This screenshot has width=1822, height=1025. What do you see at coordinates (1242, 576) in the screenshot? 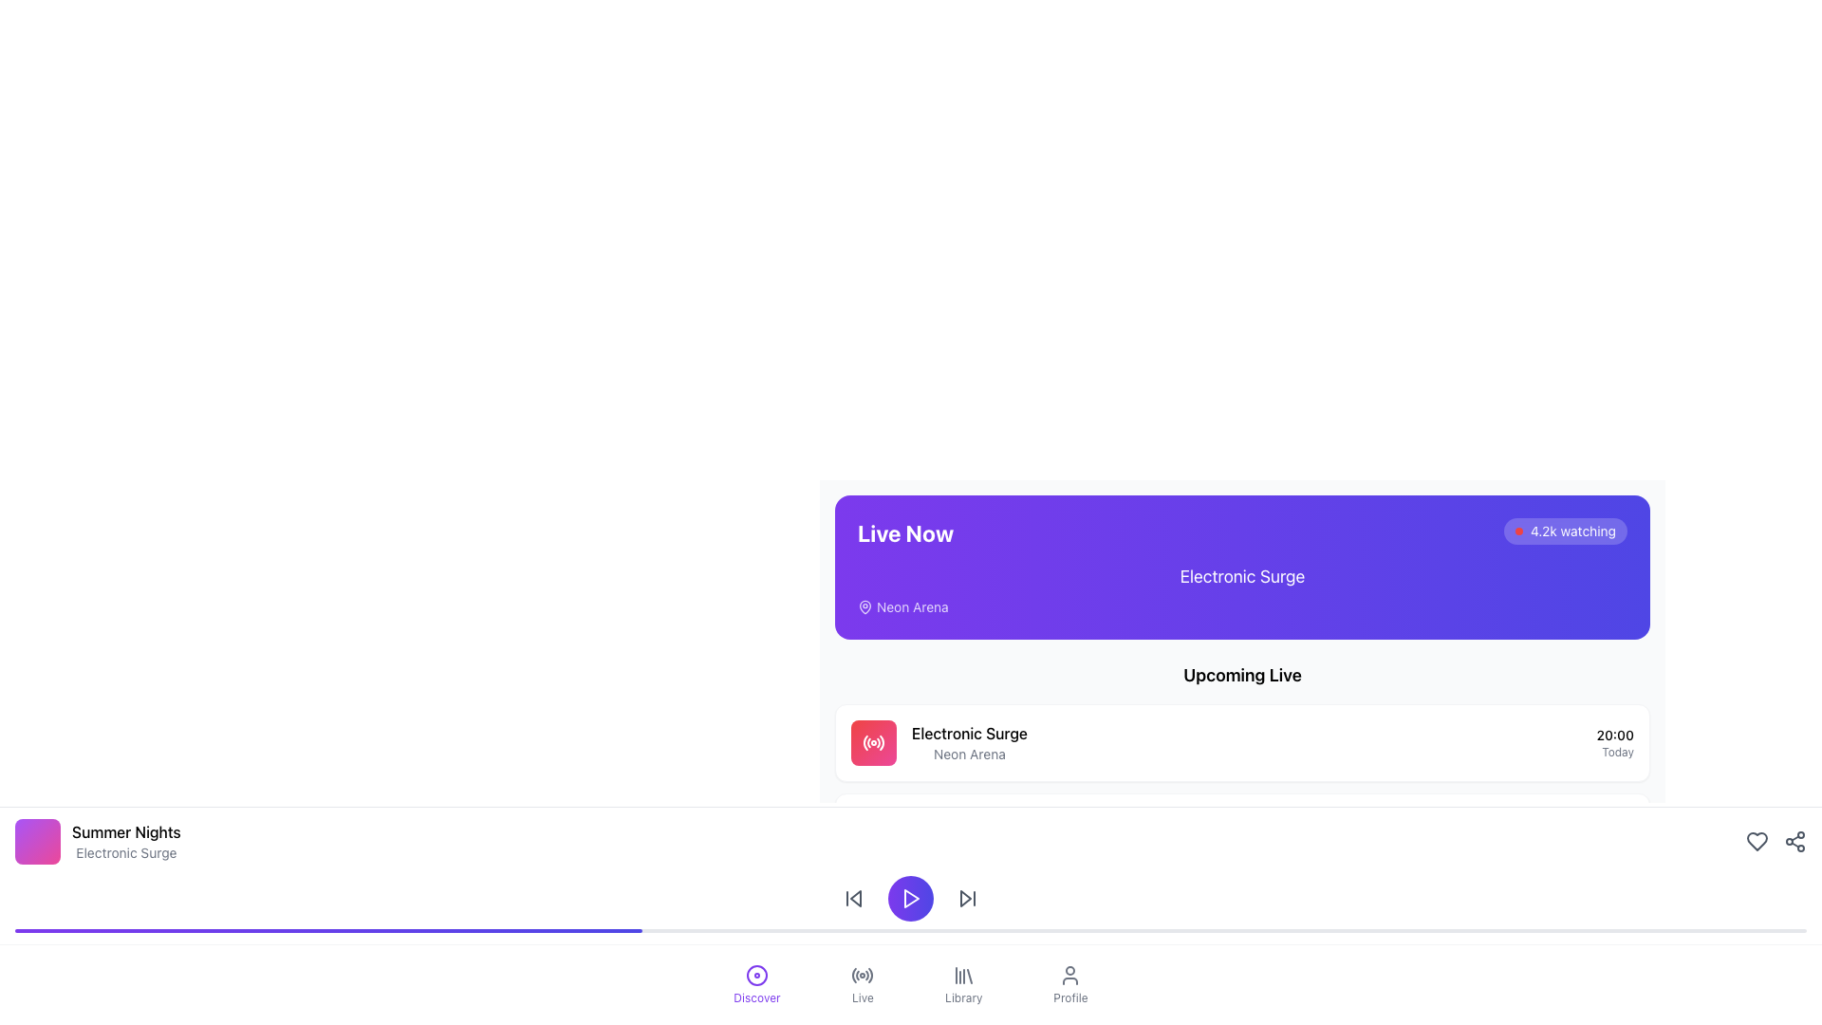
I see `the text label displaying 'Electronic Surge' which is prominently styled against a vibrant purple background, located at the top center of the 'Live Now' section` at bounding box center [1242, 576].